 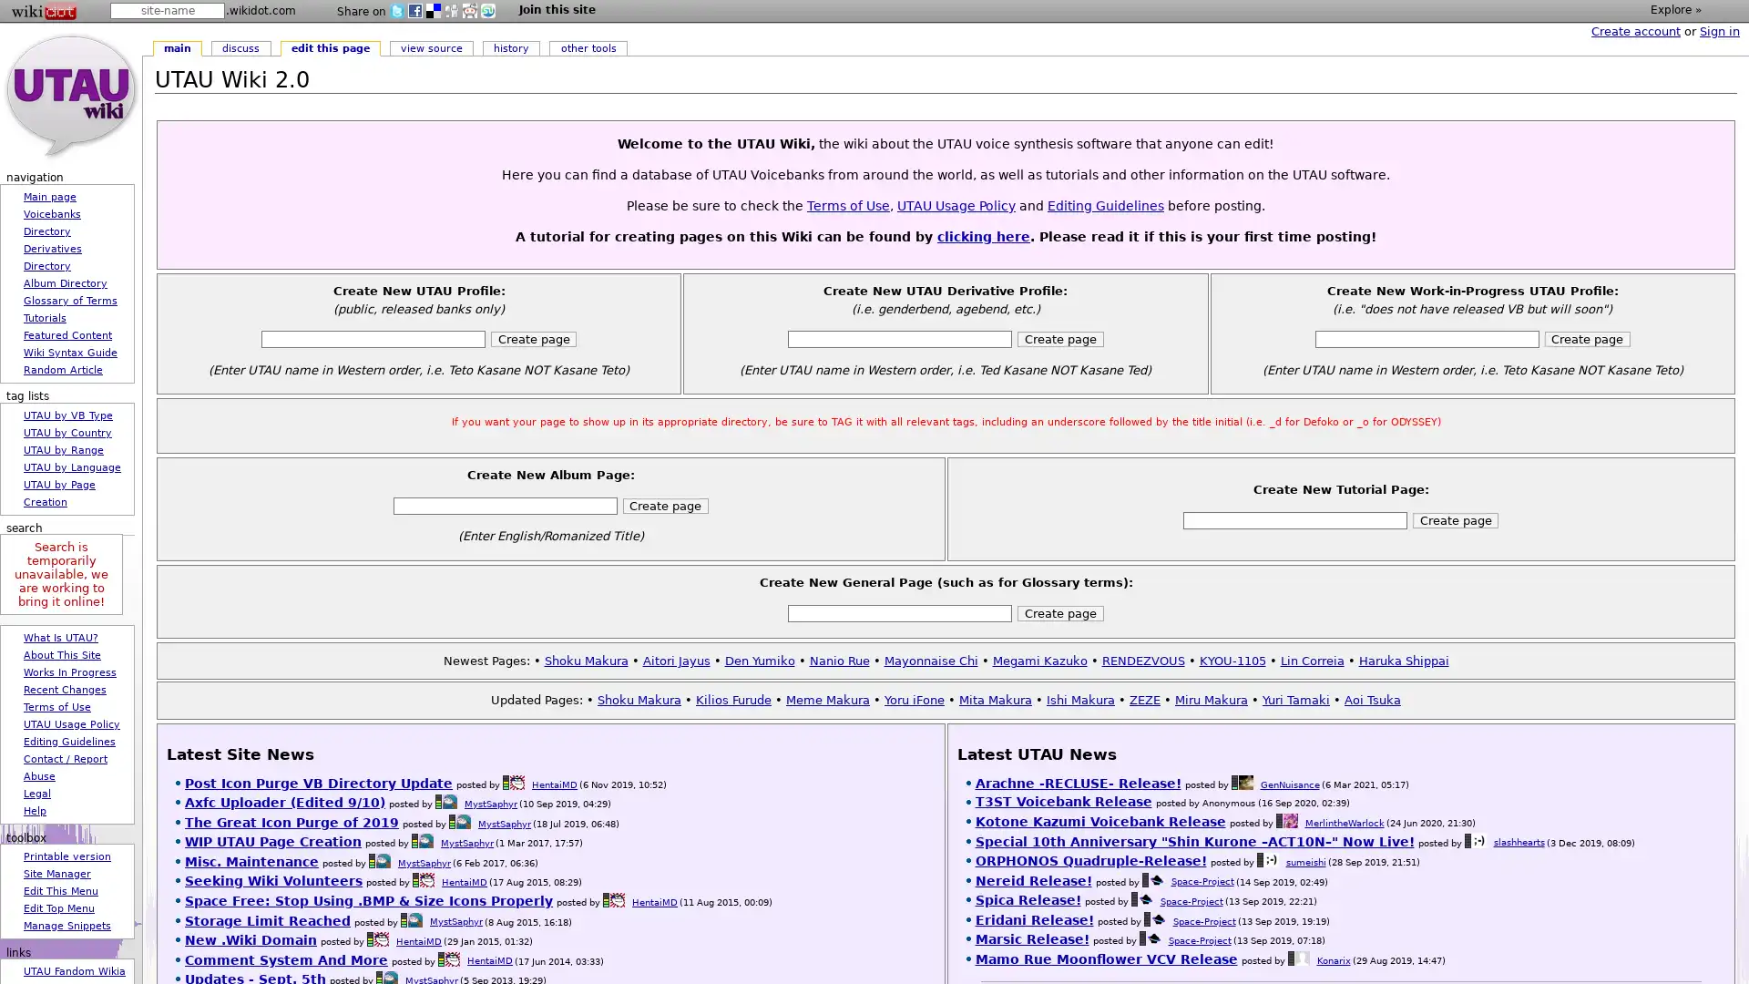 I want to click on Create page, so click(x=663, y=505).